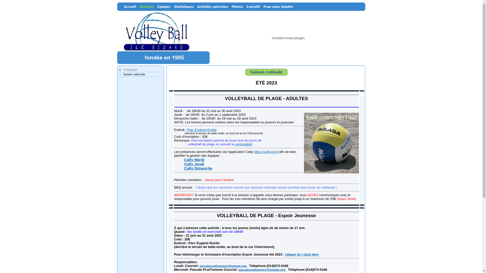 The width and height of the screenshot is (486, 273). What do you see at coordinates (223, 266) in the screenshot?
I see `'pascaleprudhomme1@hotmail.com'` at bounding box center [223, 266].